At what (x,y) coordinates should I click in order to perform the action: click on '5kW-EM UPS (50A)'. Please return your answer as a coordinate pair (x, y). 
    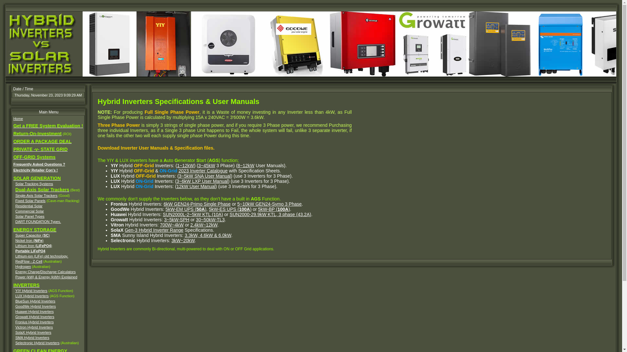
    Looking at the image, I should click on (166, 209).